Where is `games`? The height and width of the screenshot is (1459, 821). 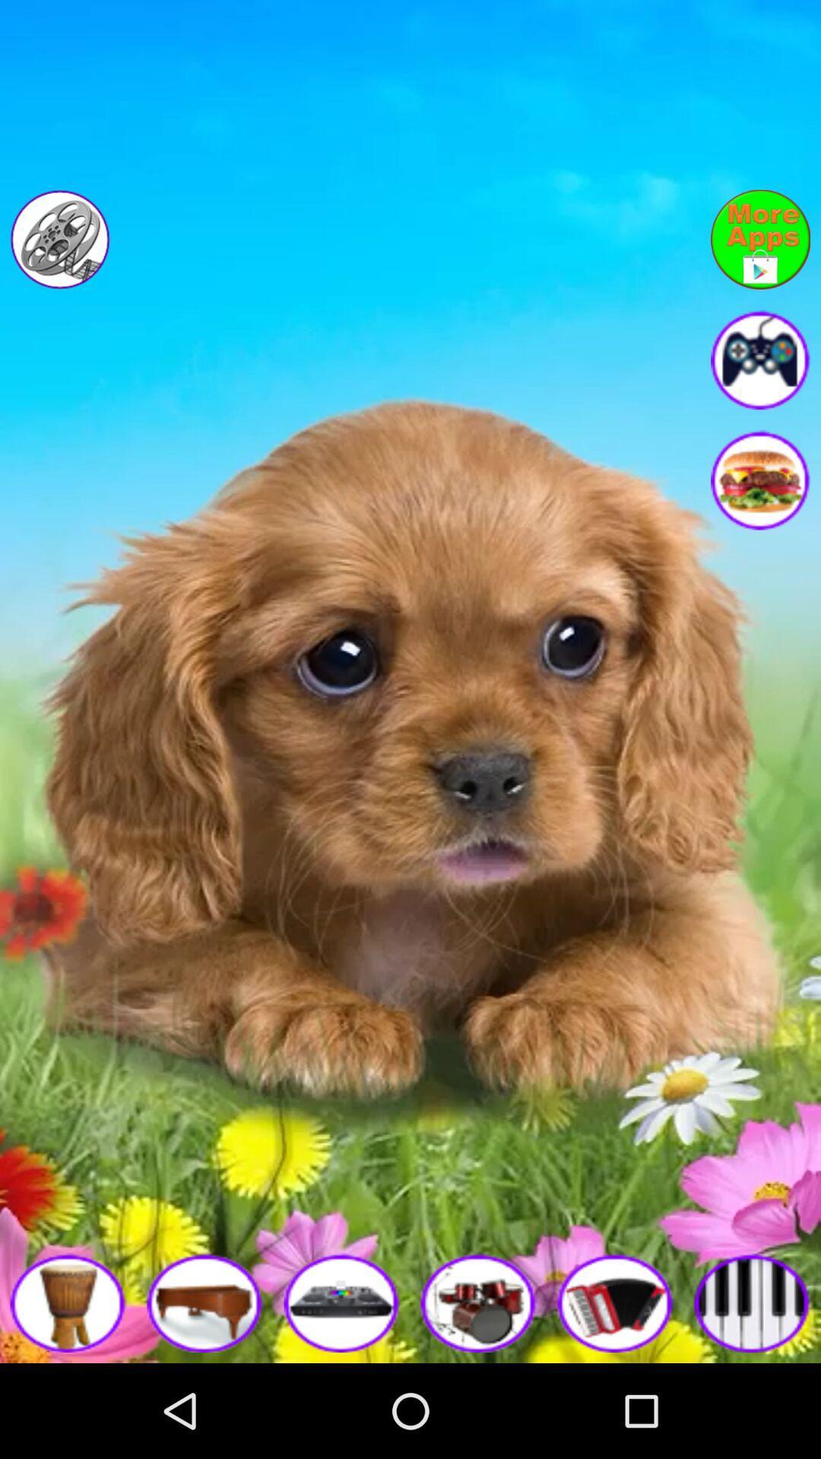
games is located at coordinates (760, 359).